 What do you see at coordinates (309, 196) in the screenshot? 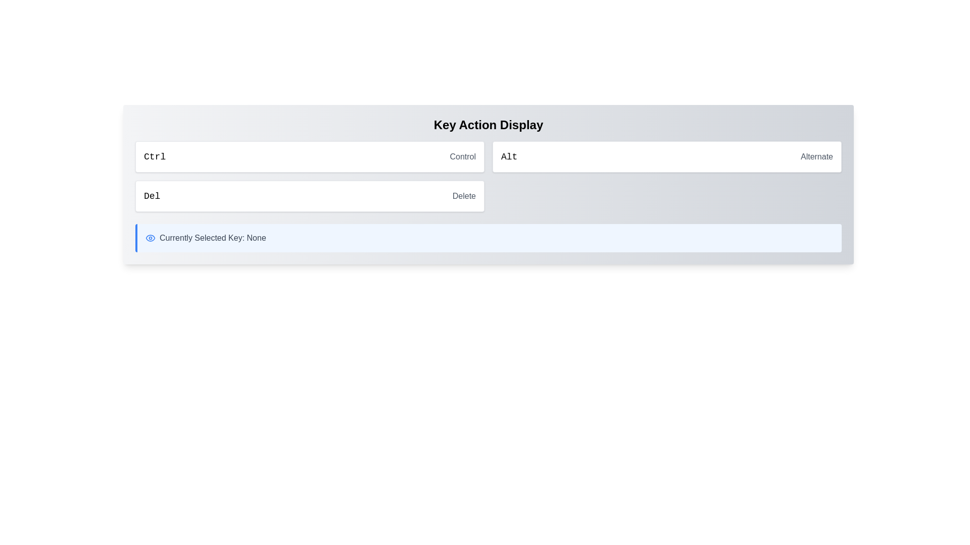
I see `the clickable display box with a white background containing 'Del' on the left and 'Delete' on the right` at bounding box center [309, 196].